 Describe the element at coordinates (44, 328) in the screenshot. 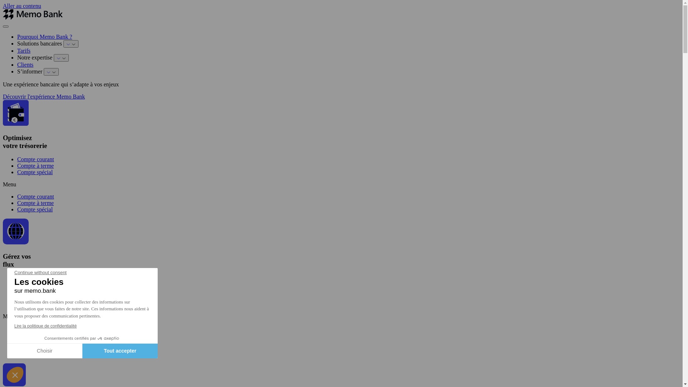

I see `'Automatisation des flux'` at that location.